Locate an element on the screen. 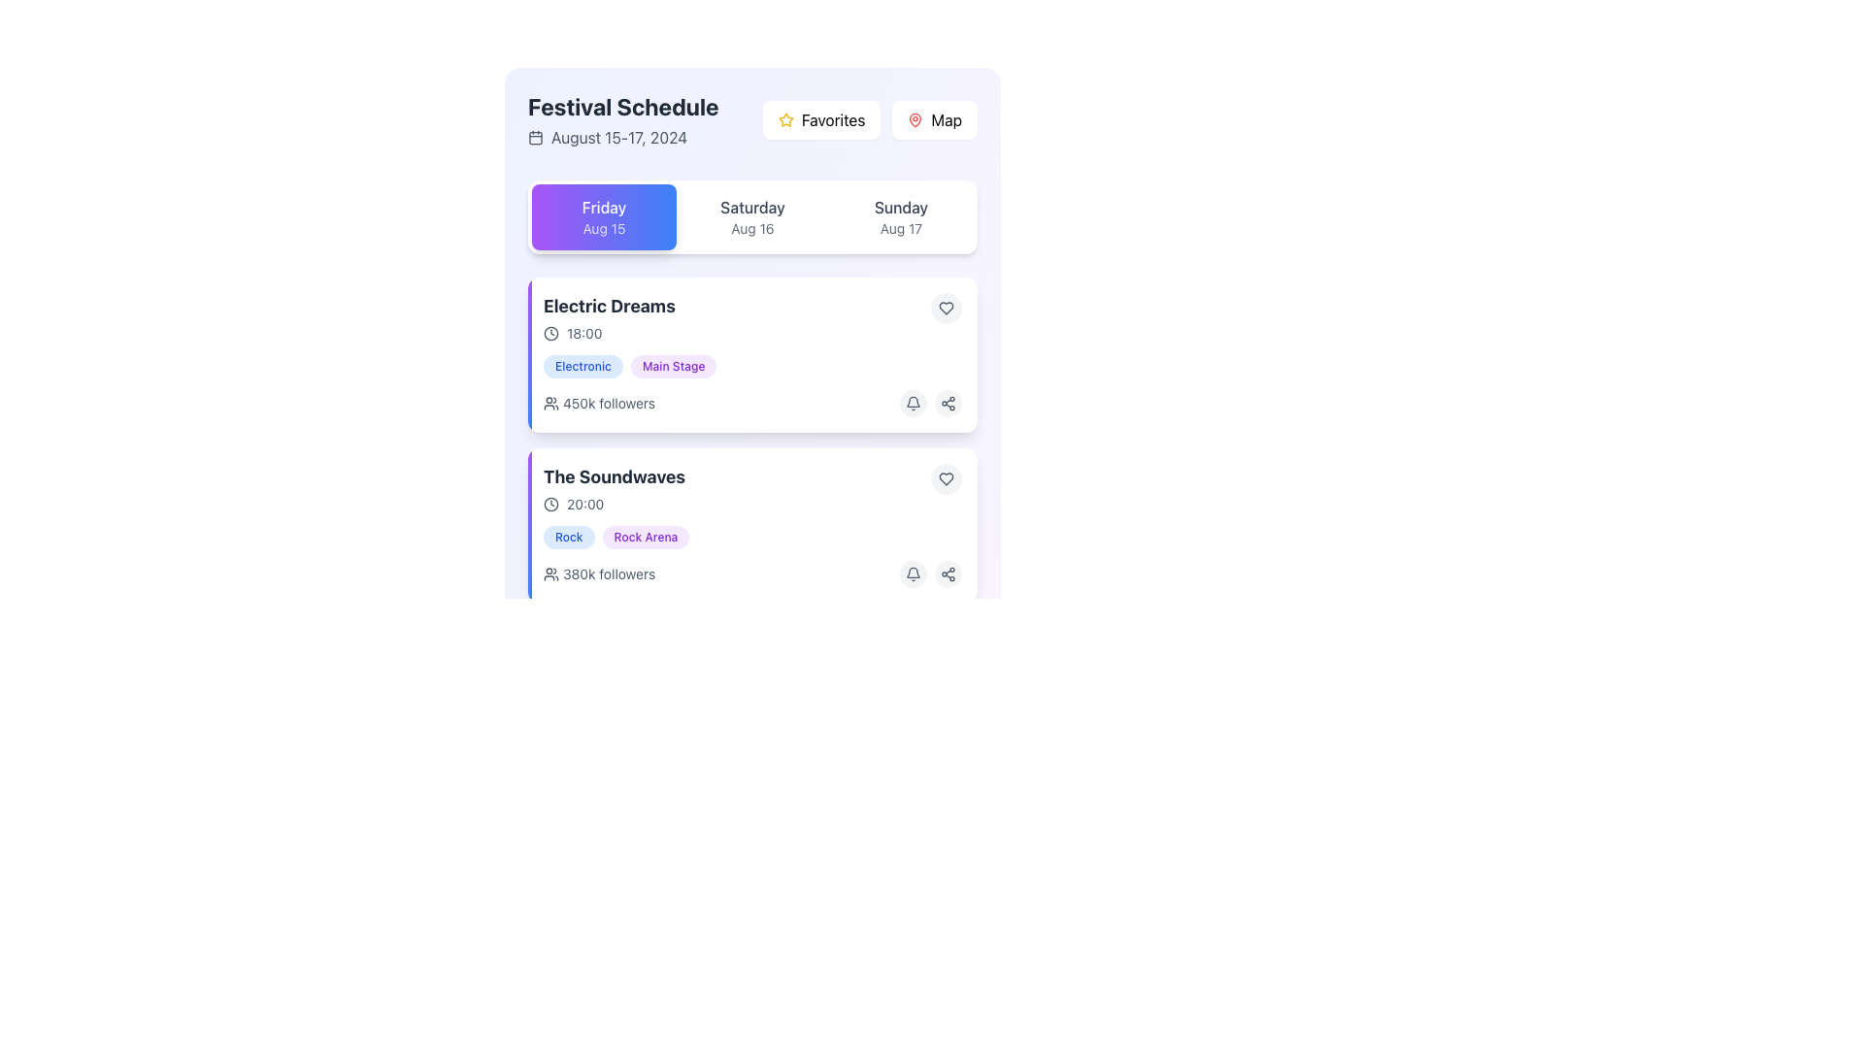 Image resolution: width=1864 pixels, height=1048 pixels. the circular element of the clock icon representing the analog clock face, which is associated with the time '18:00' next to 'Electric Dreams' is located at coordinates (549, 332).